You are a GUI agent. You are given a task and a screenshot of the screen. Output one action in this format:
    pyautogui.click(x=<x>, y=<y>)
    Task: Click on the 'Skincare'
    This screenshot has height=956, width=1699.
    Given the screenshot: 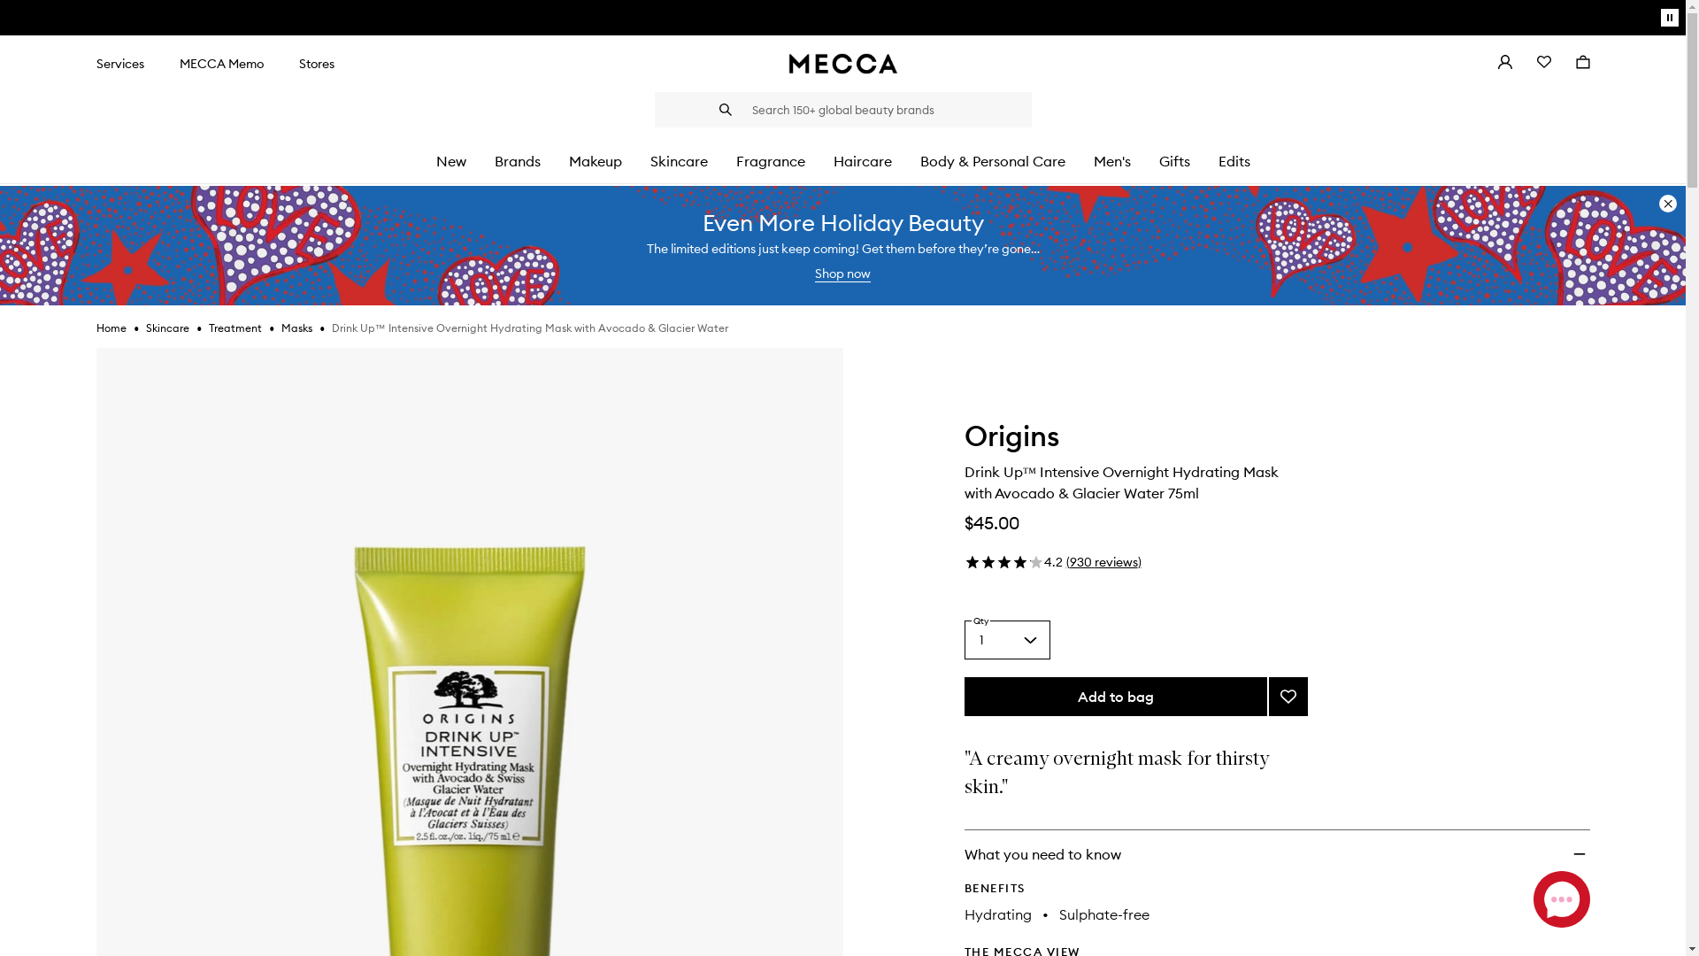 What is the action you would take?
    pyautogui.click(x=677, y=161)
    